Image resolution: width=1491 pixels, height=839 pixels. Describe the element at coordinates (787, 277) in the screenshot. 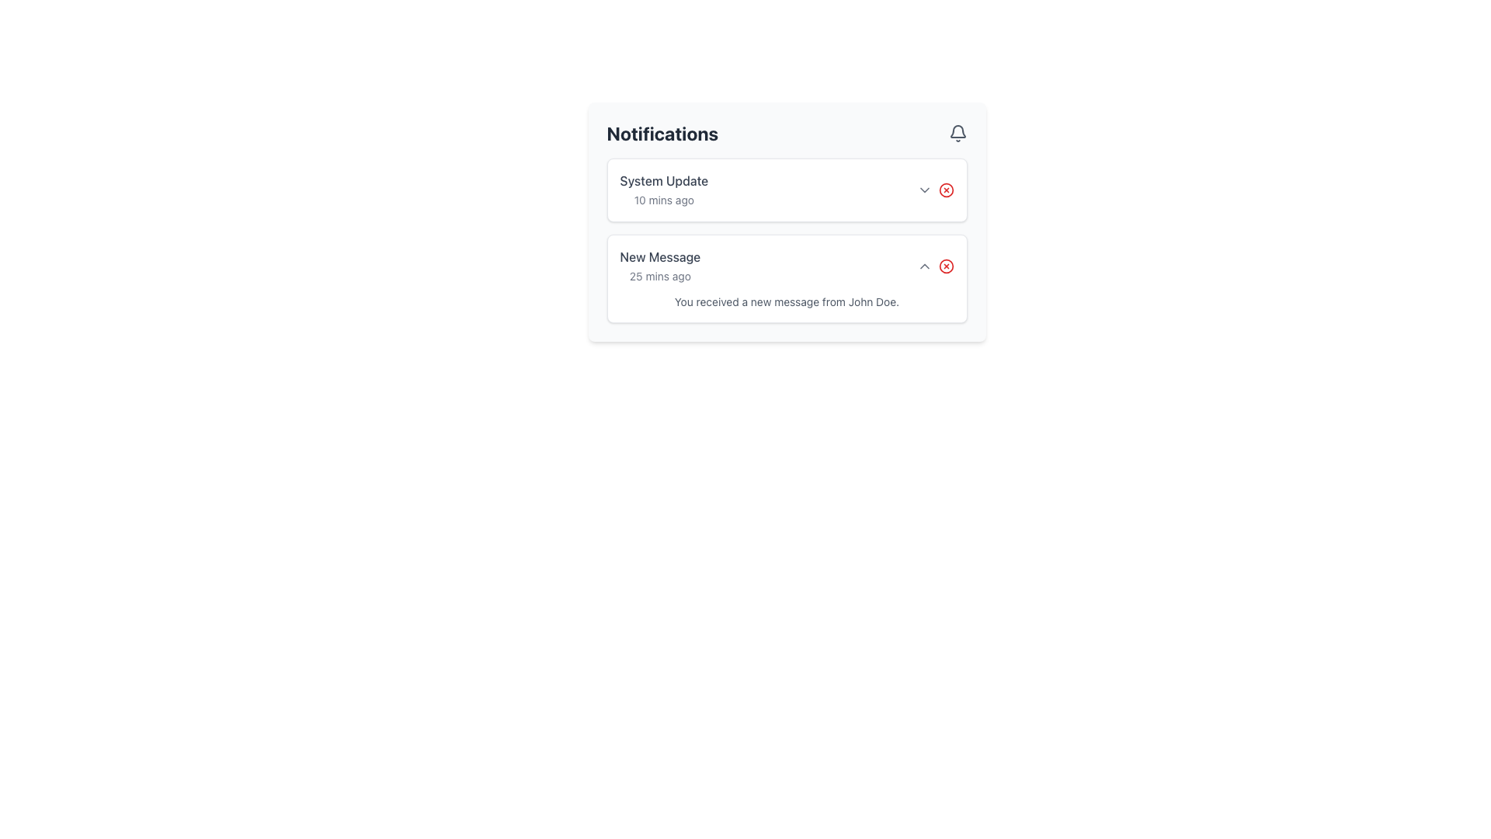

I see `the notification card that indicates a new message, located in the second card of the notification list under the 'System Update' card` at that location.